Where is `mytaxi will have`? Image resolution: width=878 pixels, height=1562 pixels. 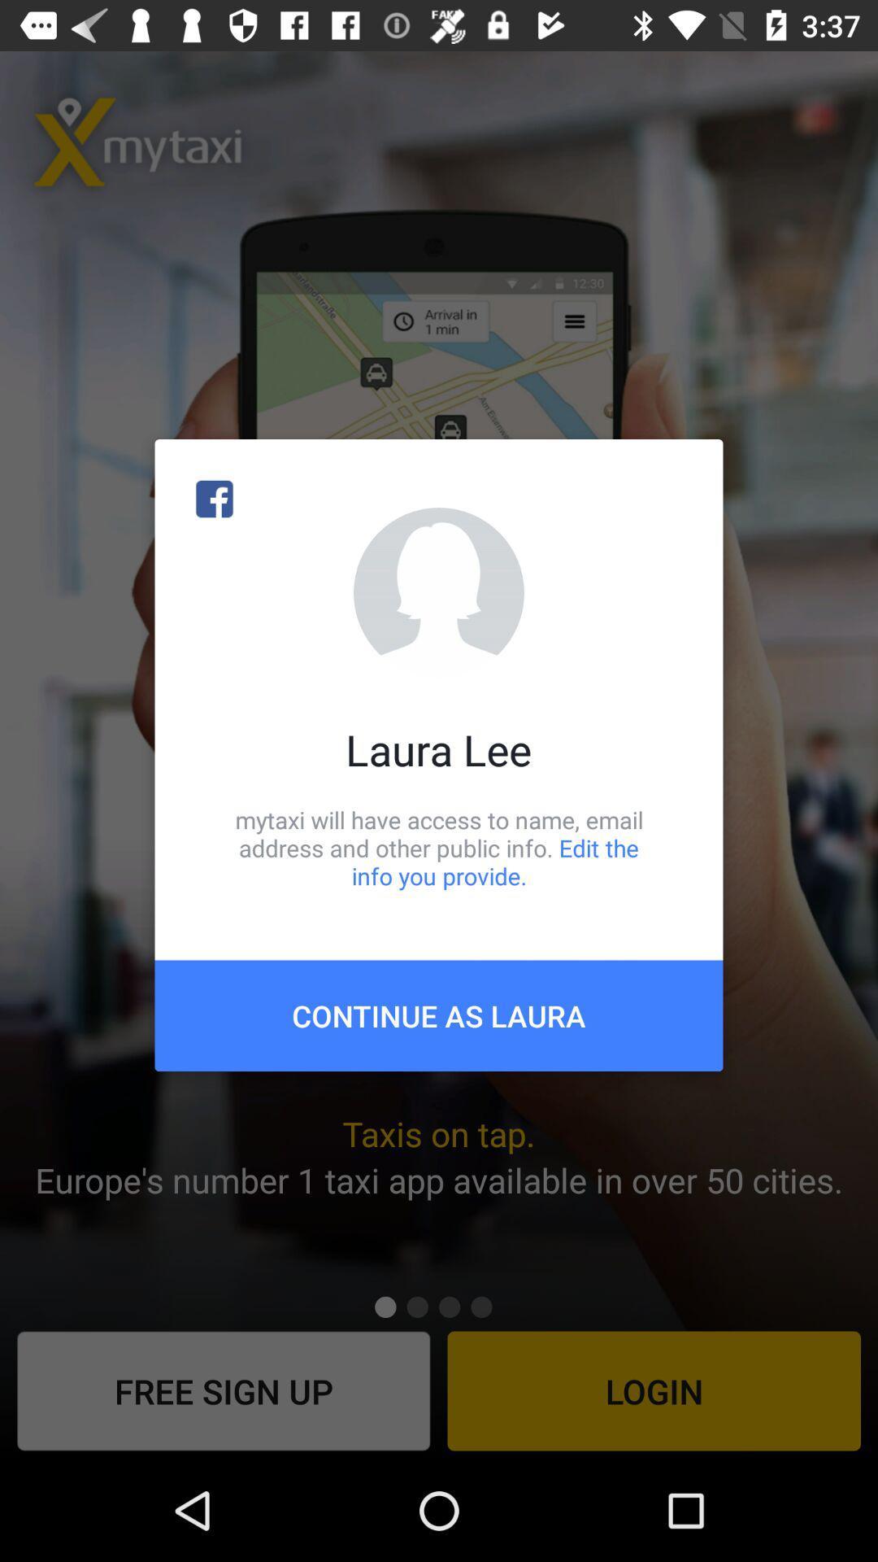 mytaxi will have is located at coordinates (439, 847).